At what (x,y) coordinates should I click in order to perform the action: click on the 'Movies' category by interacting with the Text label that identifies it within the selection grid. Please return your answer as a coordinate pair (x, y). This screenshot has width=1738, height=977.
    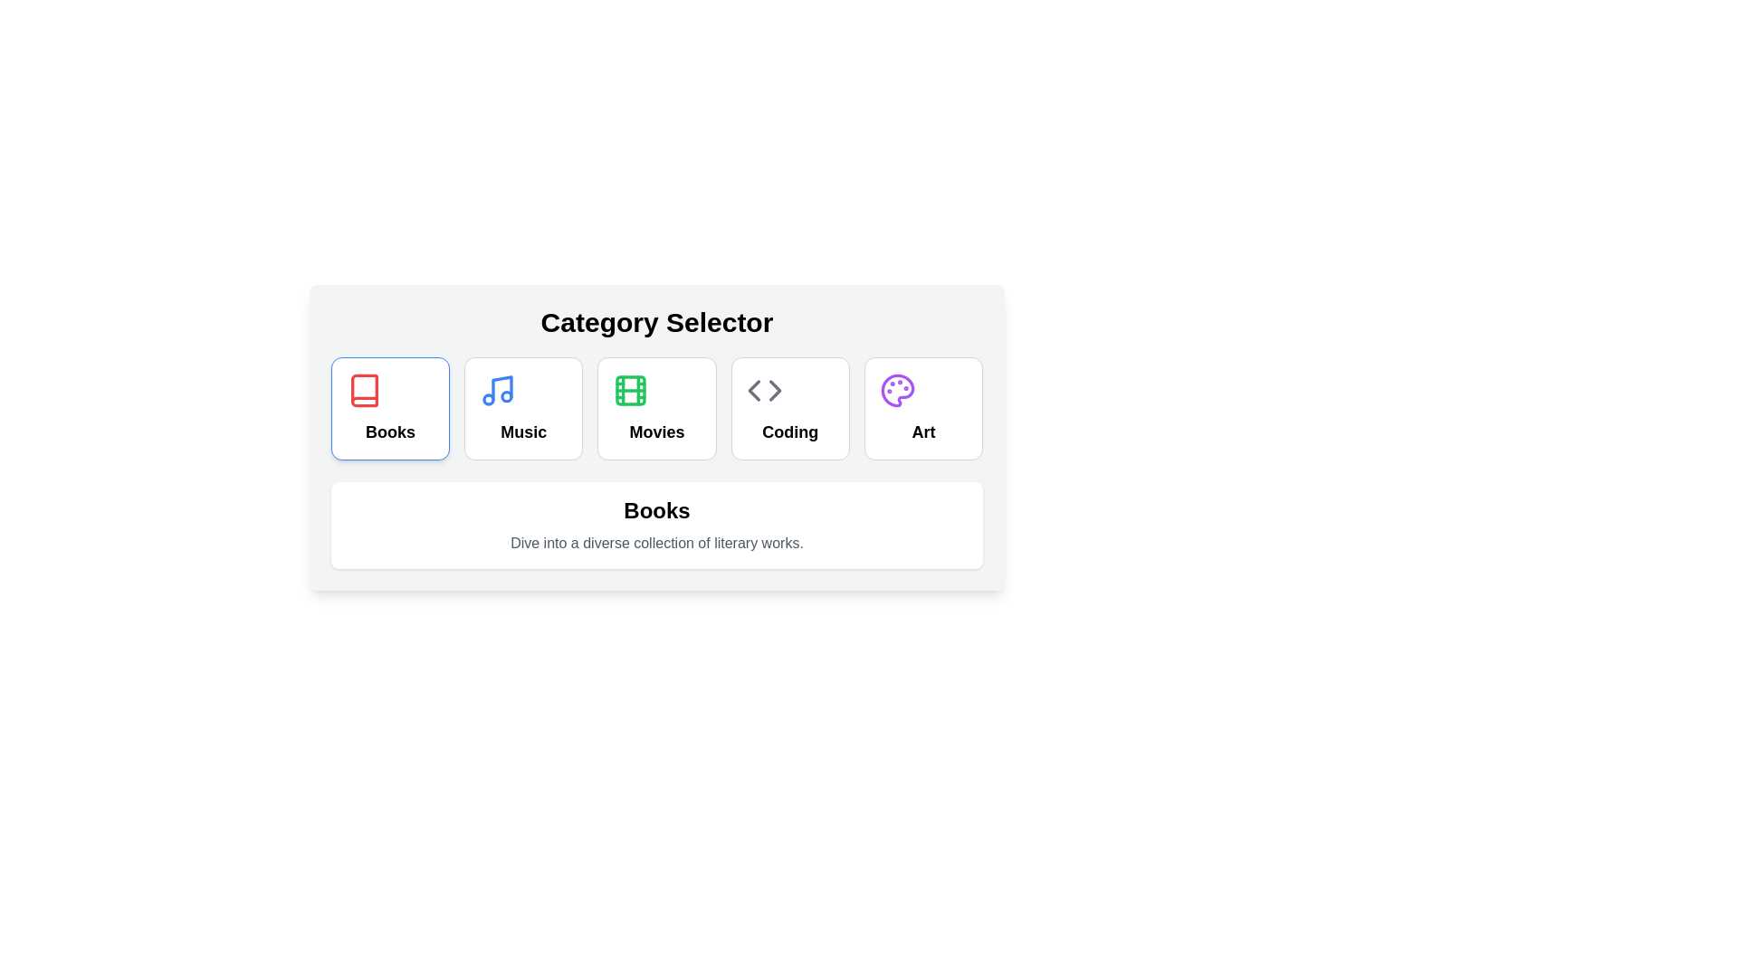
    Looking at the image, I should click on (655, 432).